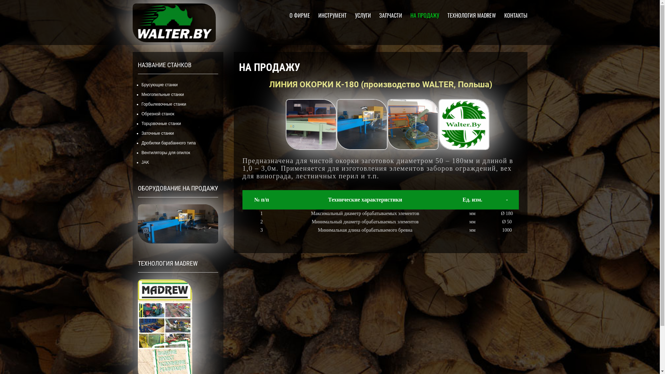 The image size is (665, 374). Describe the element at coordinates (141, 162) in the screenshot. I see `'JAK'` at that location.